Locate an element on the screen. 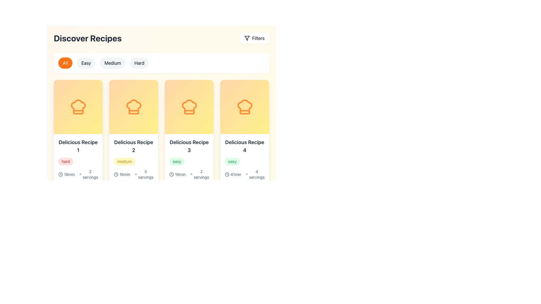 This screenshot has width=541, height=304. the triangular-shaped funnel icon located at the top-right of the user interface, adjacent to the 'Filters' label is located at coordinates (247, 38).